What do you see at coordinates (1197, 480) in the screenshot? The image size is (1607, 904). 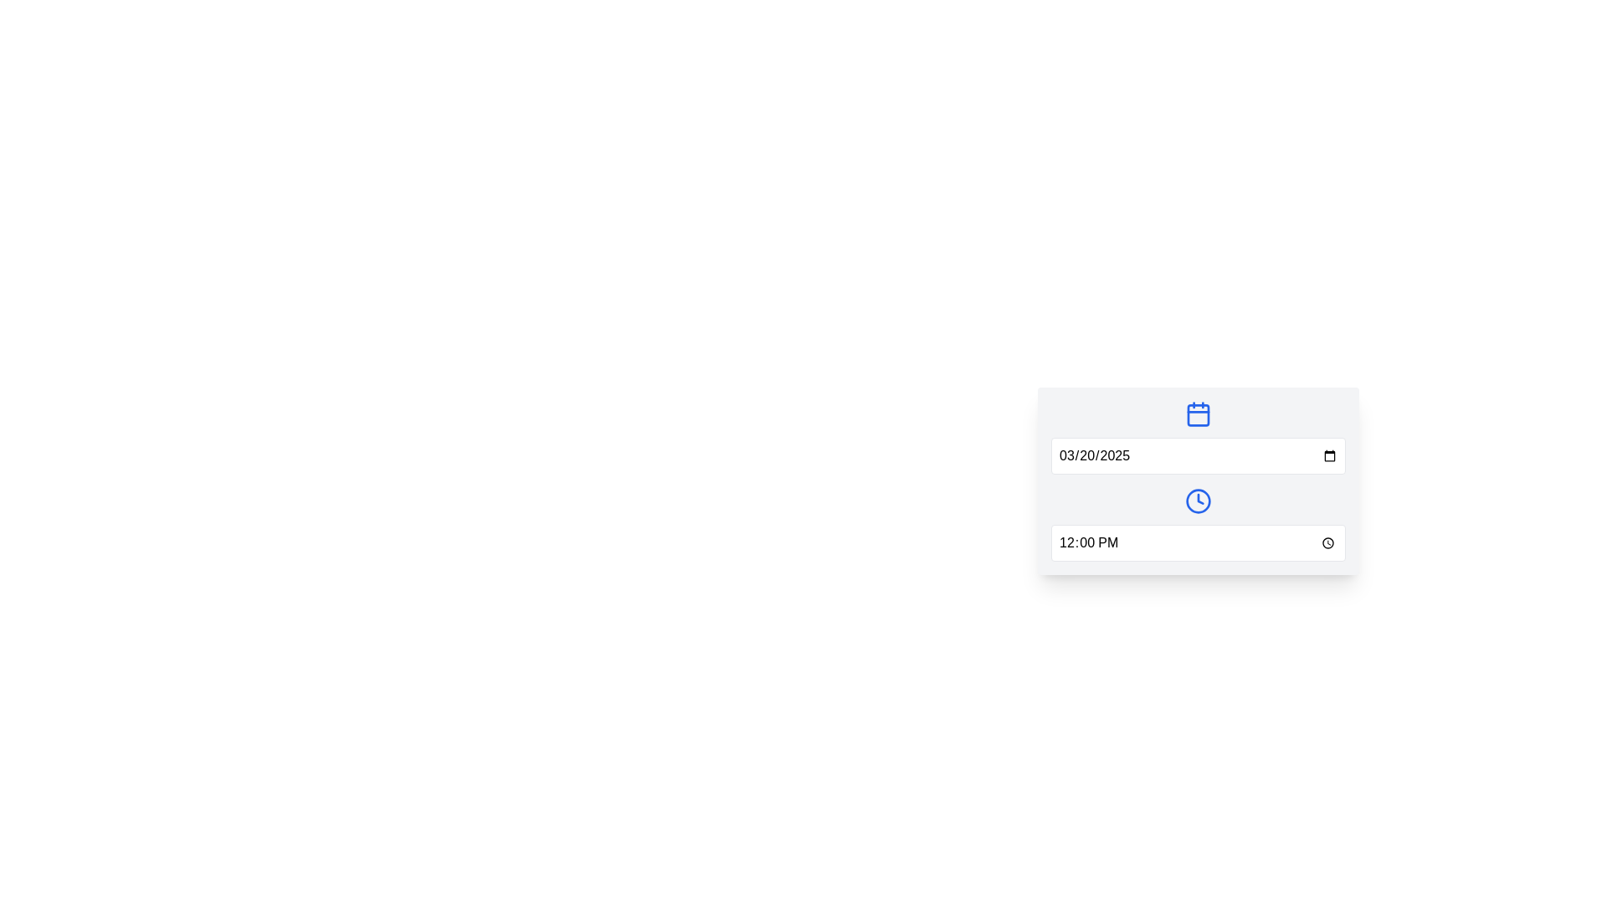 I see `the clock icon in the date-time picker component, which is styled with a gray background and includes a calendar icon and a clock icon` at bounding box center [1197, 480].